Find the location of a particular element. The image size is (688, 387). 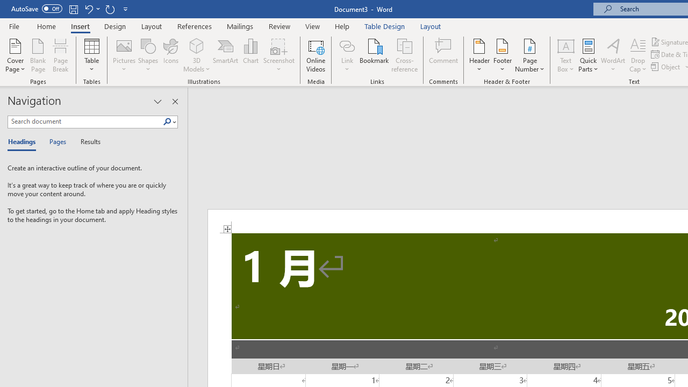

'Page Break' is located at coordinates (60, 55).